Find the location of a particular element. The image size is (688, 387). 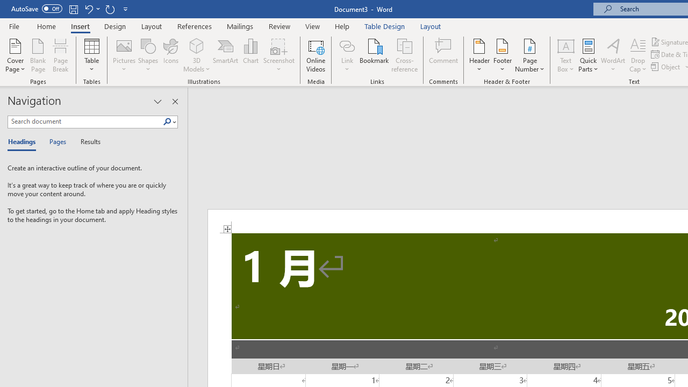

'Page Break' is located at coordinates (60, 55).